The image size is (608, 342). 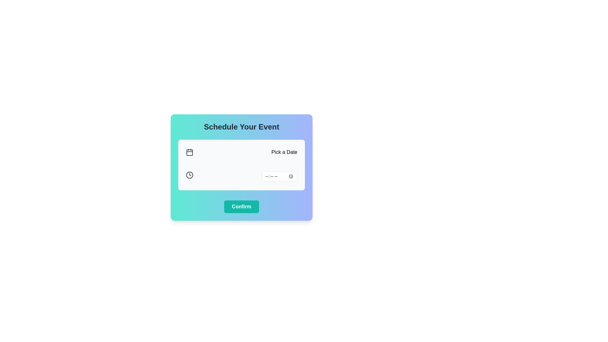 I want to click on the calendar icon button, which has a square outline and a gray tone, so click(x=189, y=152).